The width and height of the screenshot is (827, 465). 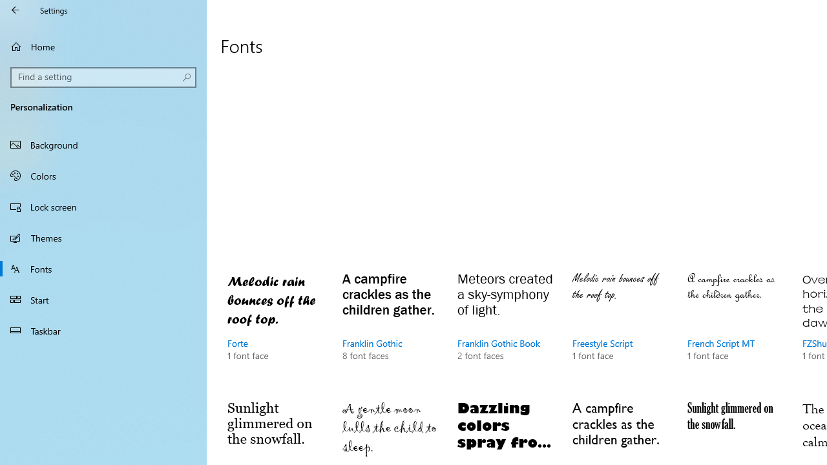 I want to click on 'Fonts', so click(x=103, y=267).